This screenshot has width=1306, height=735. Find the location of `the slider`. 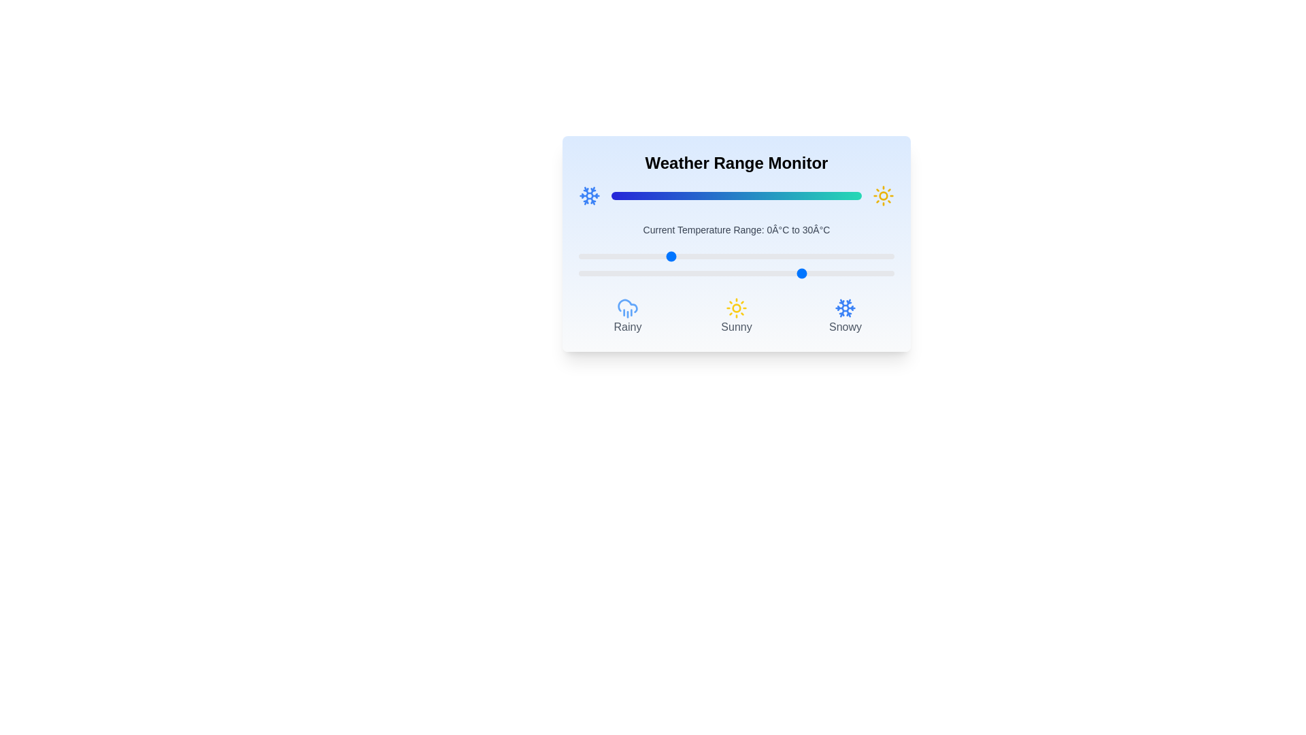

the slider is located at coordinates (709, 257).